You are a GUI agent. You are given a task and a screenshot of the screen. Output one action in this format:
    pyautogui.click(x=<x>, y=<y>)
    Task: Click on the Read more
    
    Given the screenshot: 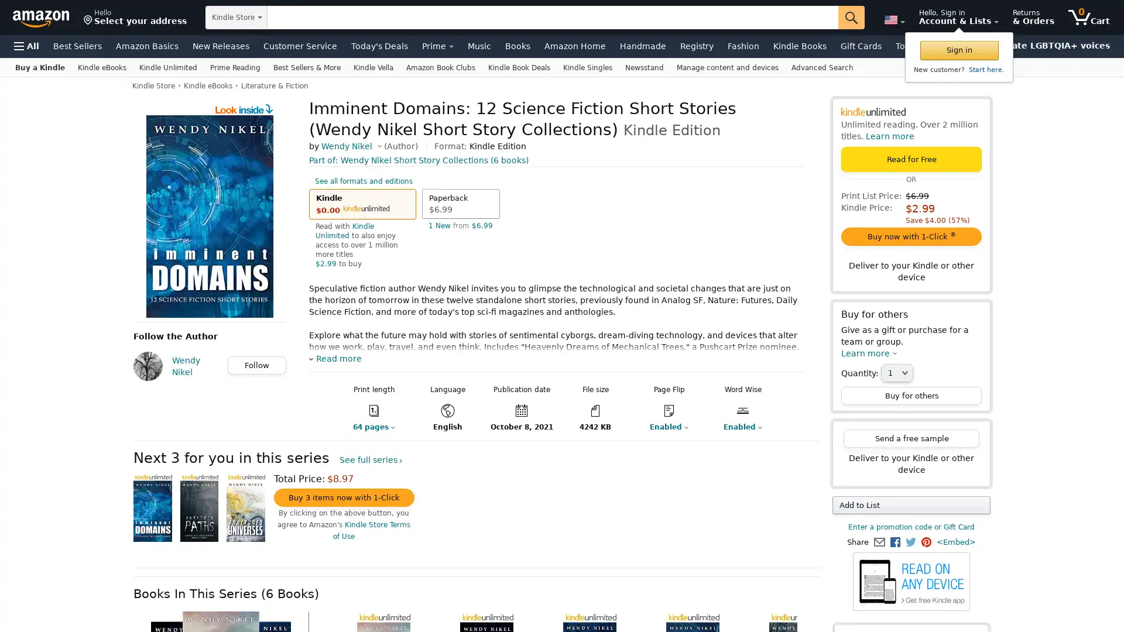 What is the action you would take?
    pyautogui.click(x=334, y=358)
    